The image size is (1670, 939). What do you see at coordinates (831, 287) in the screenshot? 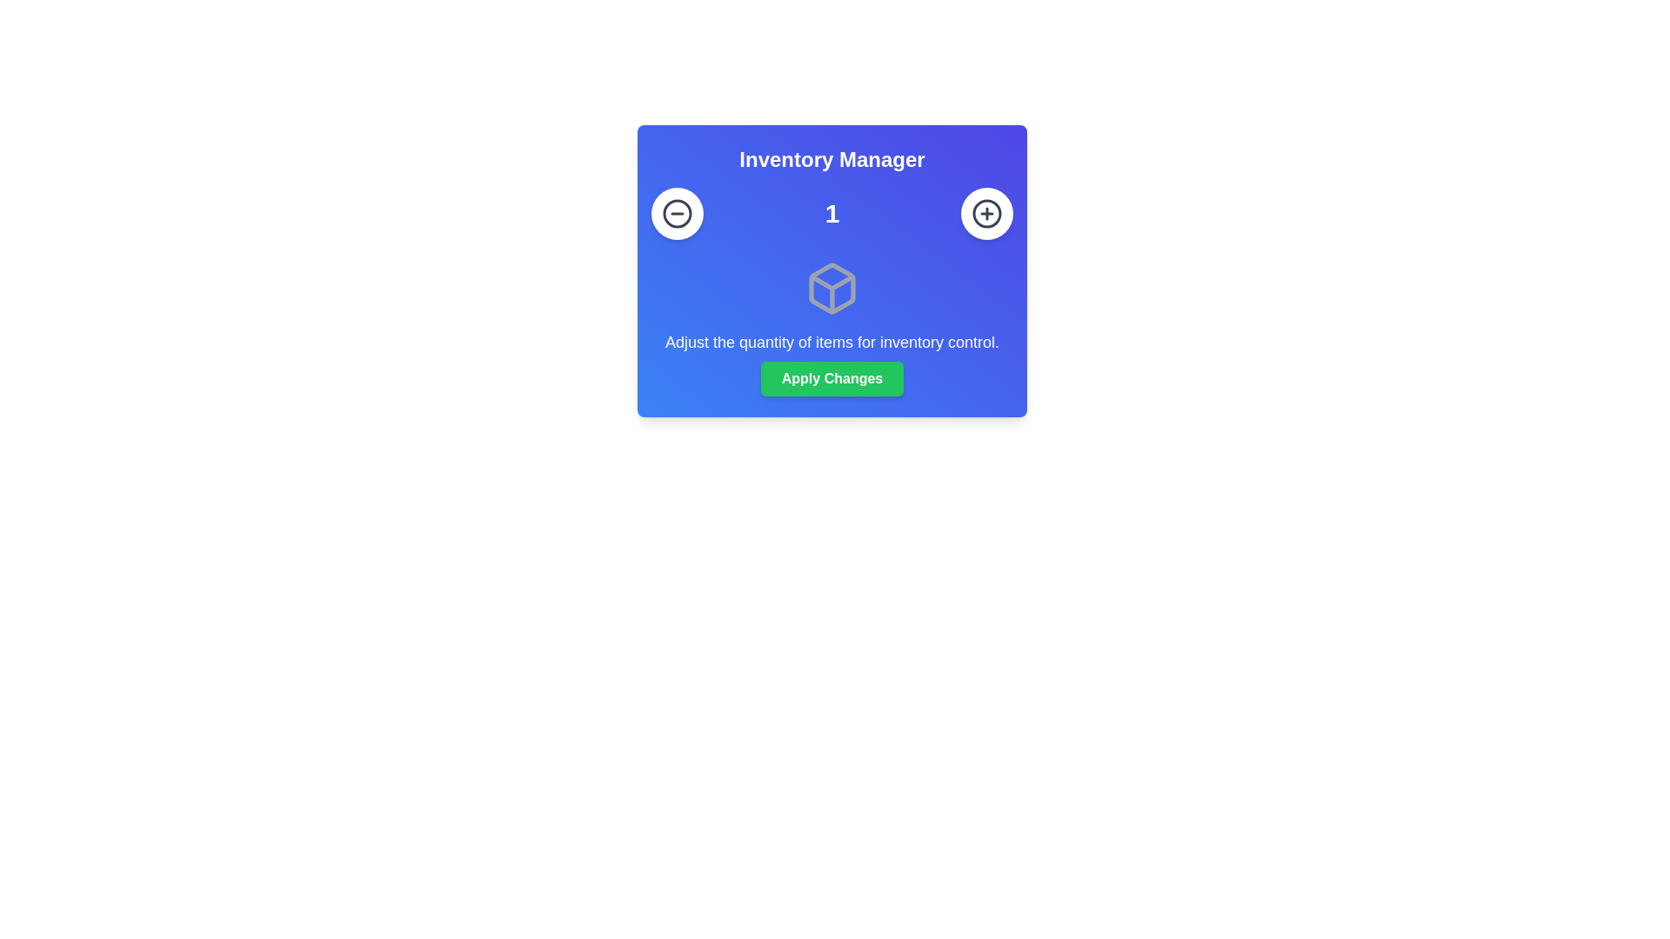
I see `the cube icon, which is styled with gray outlines on a blue background and positioned below the number '1' and above the text 'Adjust the quantity of items for inventory control.'` at bounding box center [831, 287].